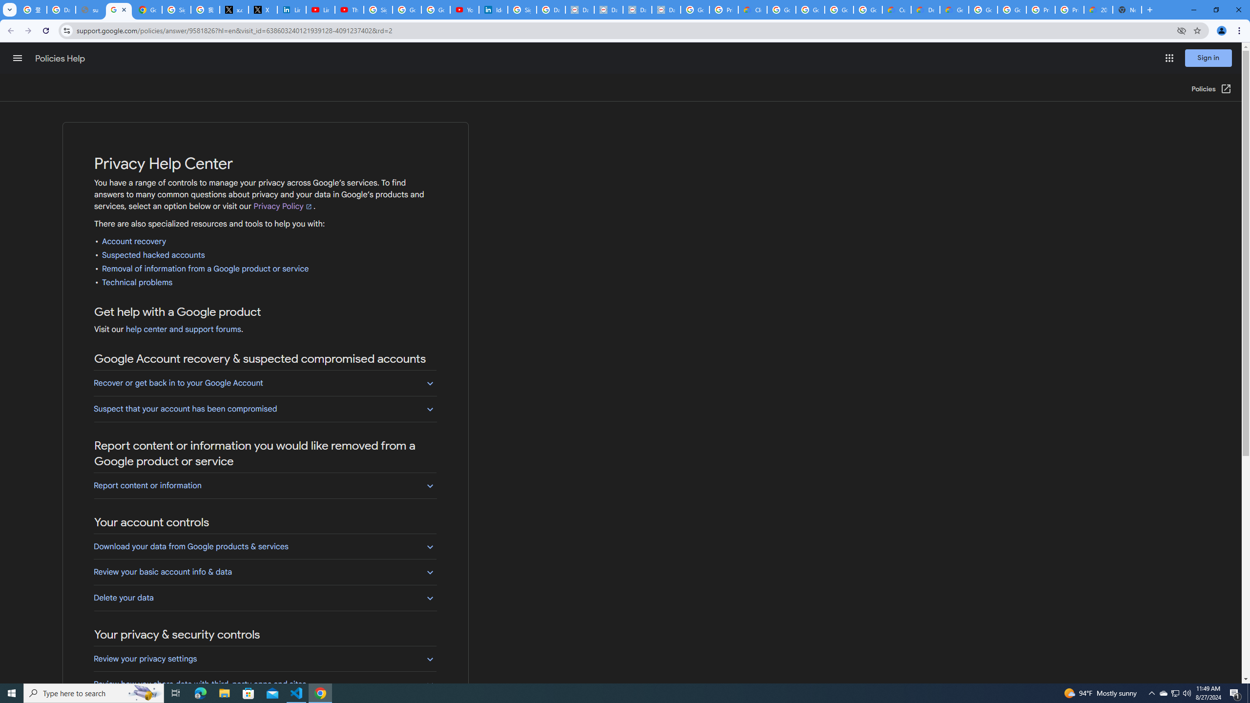 This screenshot has height=703, width=1250. Describe the element at coordinates (137, 282) in the screenshot. I see `'Technical problems'` at that location.